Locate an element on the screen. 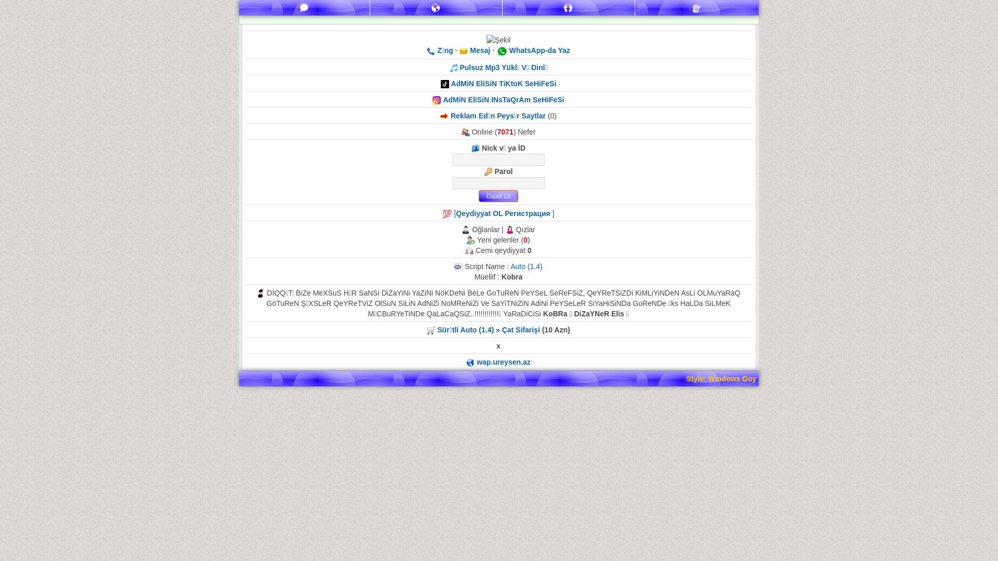  '(7071)' is located at coordinates (506, 131).